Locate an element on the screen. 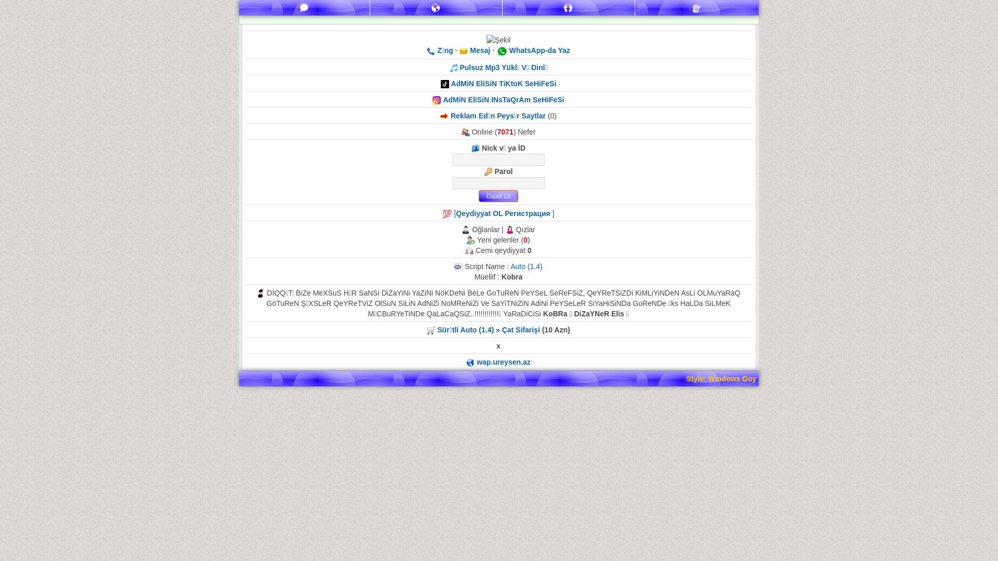  '(7071)' is located at coordinates (506, 131).